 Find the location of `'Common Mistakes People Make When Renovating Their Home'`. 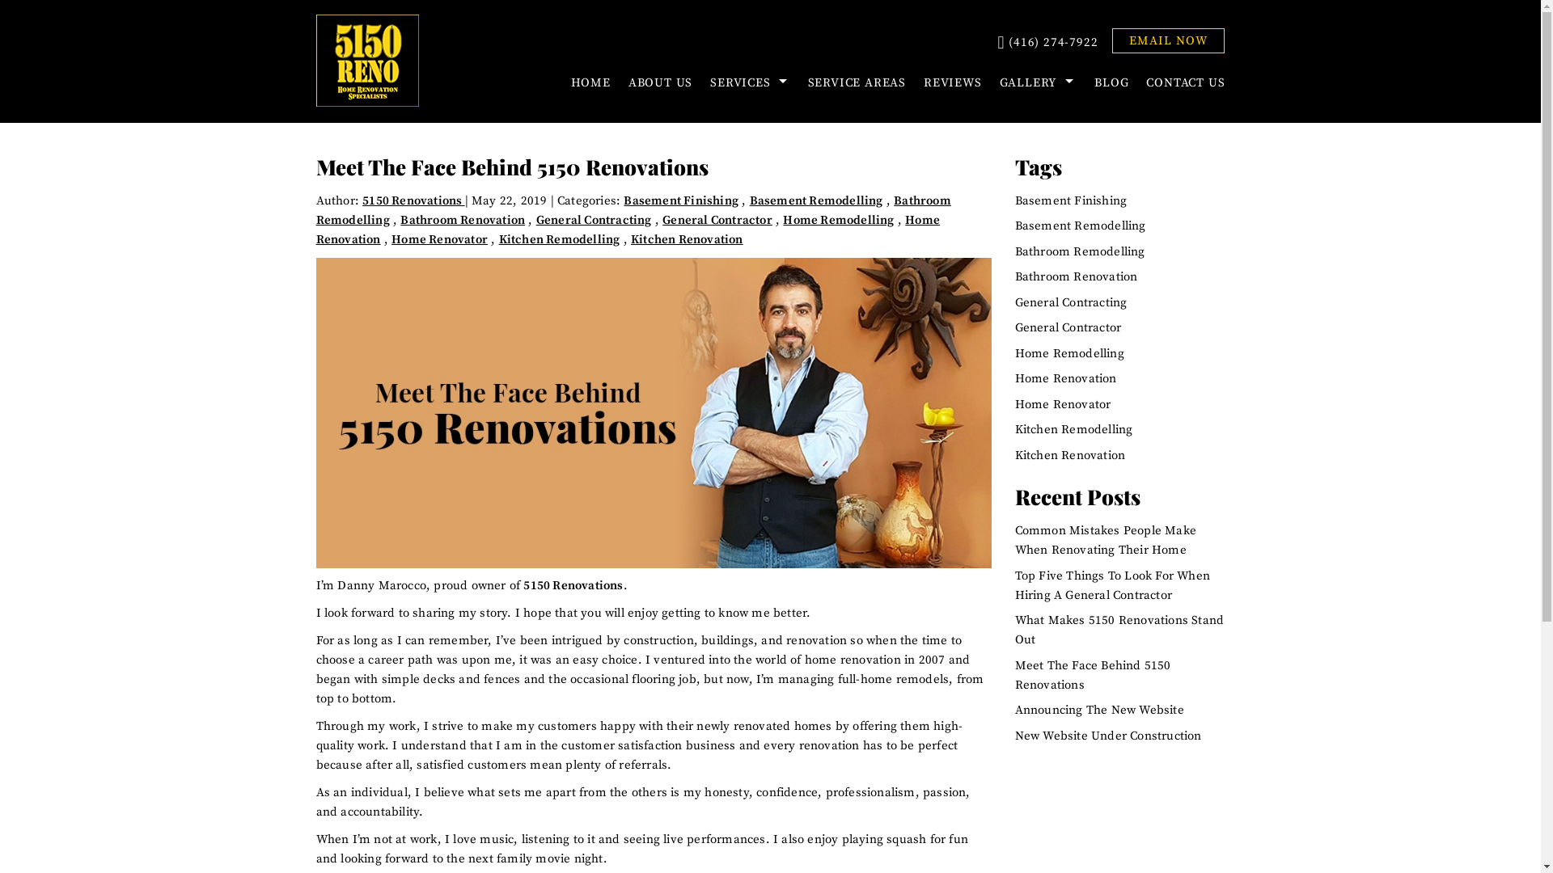

'Common Mistakes People Make When Renovating Their Home' is located at coordinates (1105, 540).